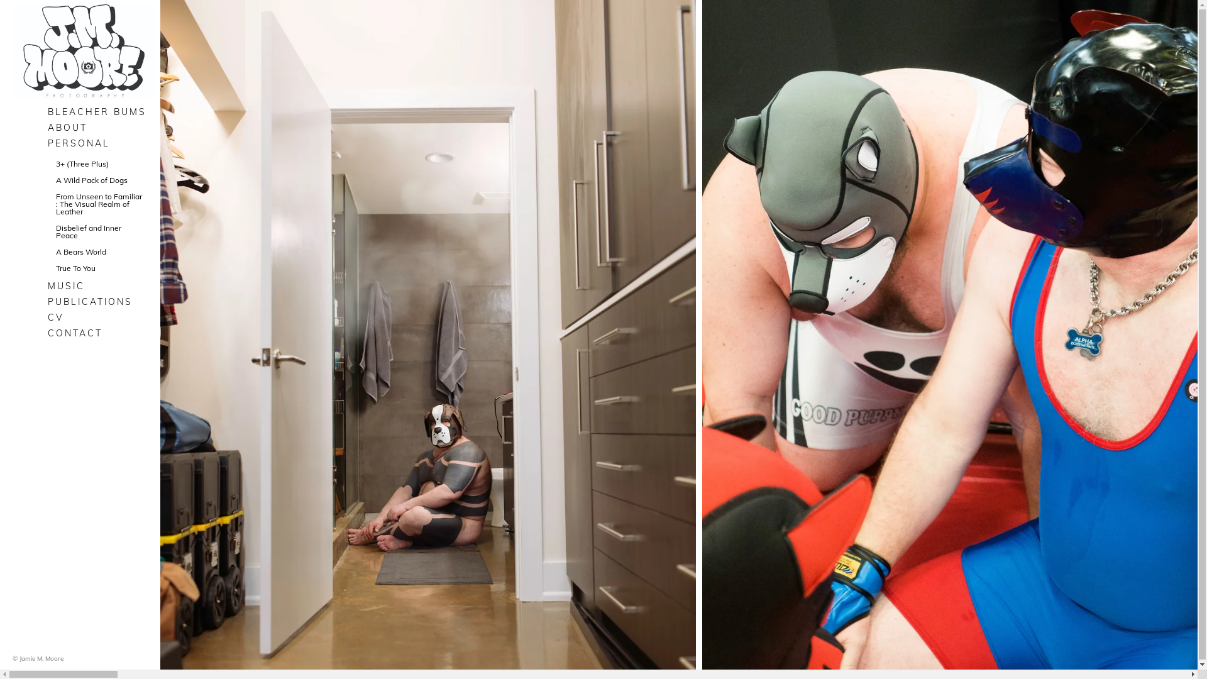 The image size is (1207, 679). Describe the element at coordinates (98, 317) in the screenshot. I see `'CV'` at that location.